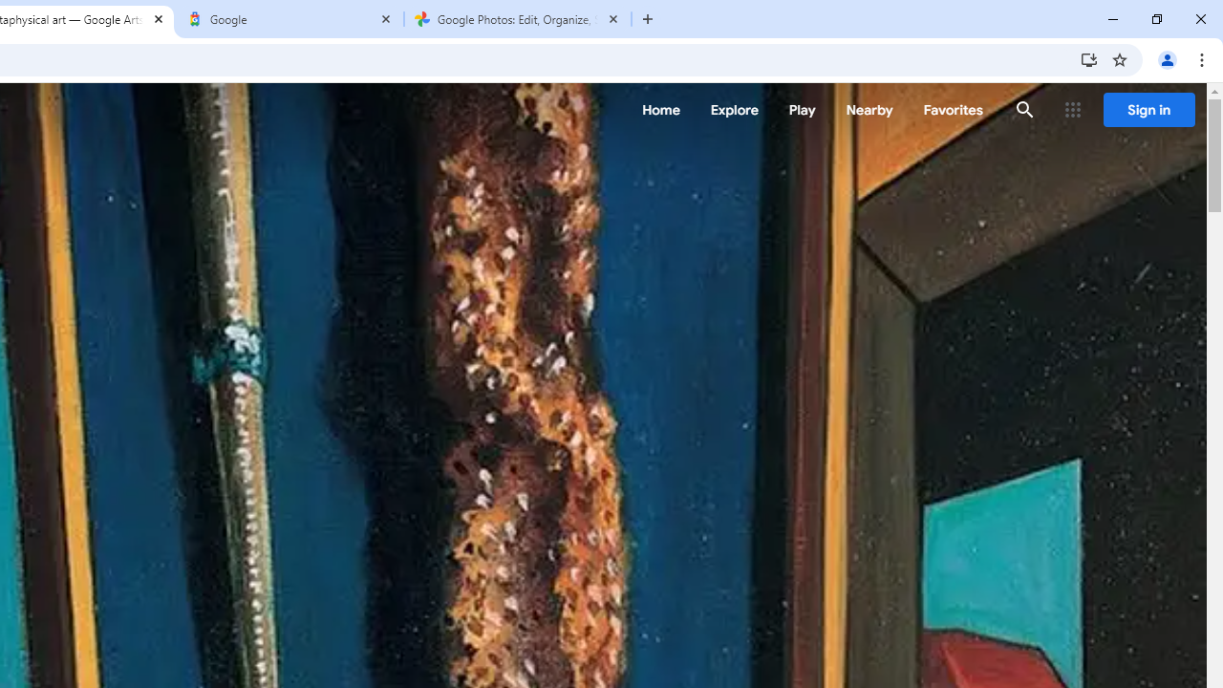 The height and width of the screenshot is (688, 1223). I want to click on 'Favorites', so click(953, 110).